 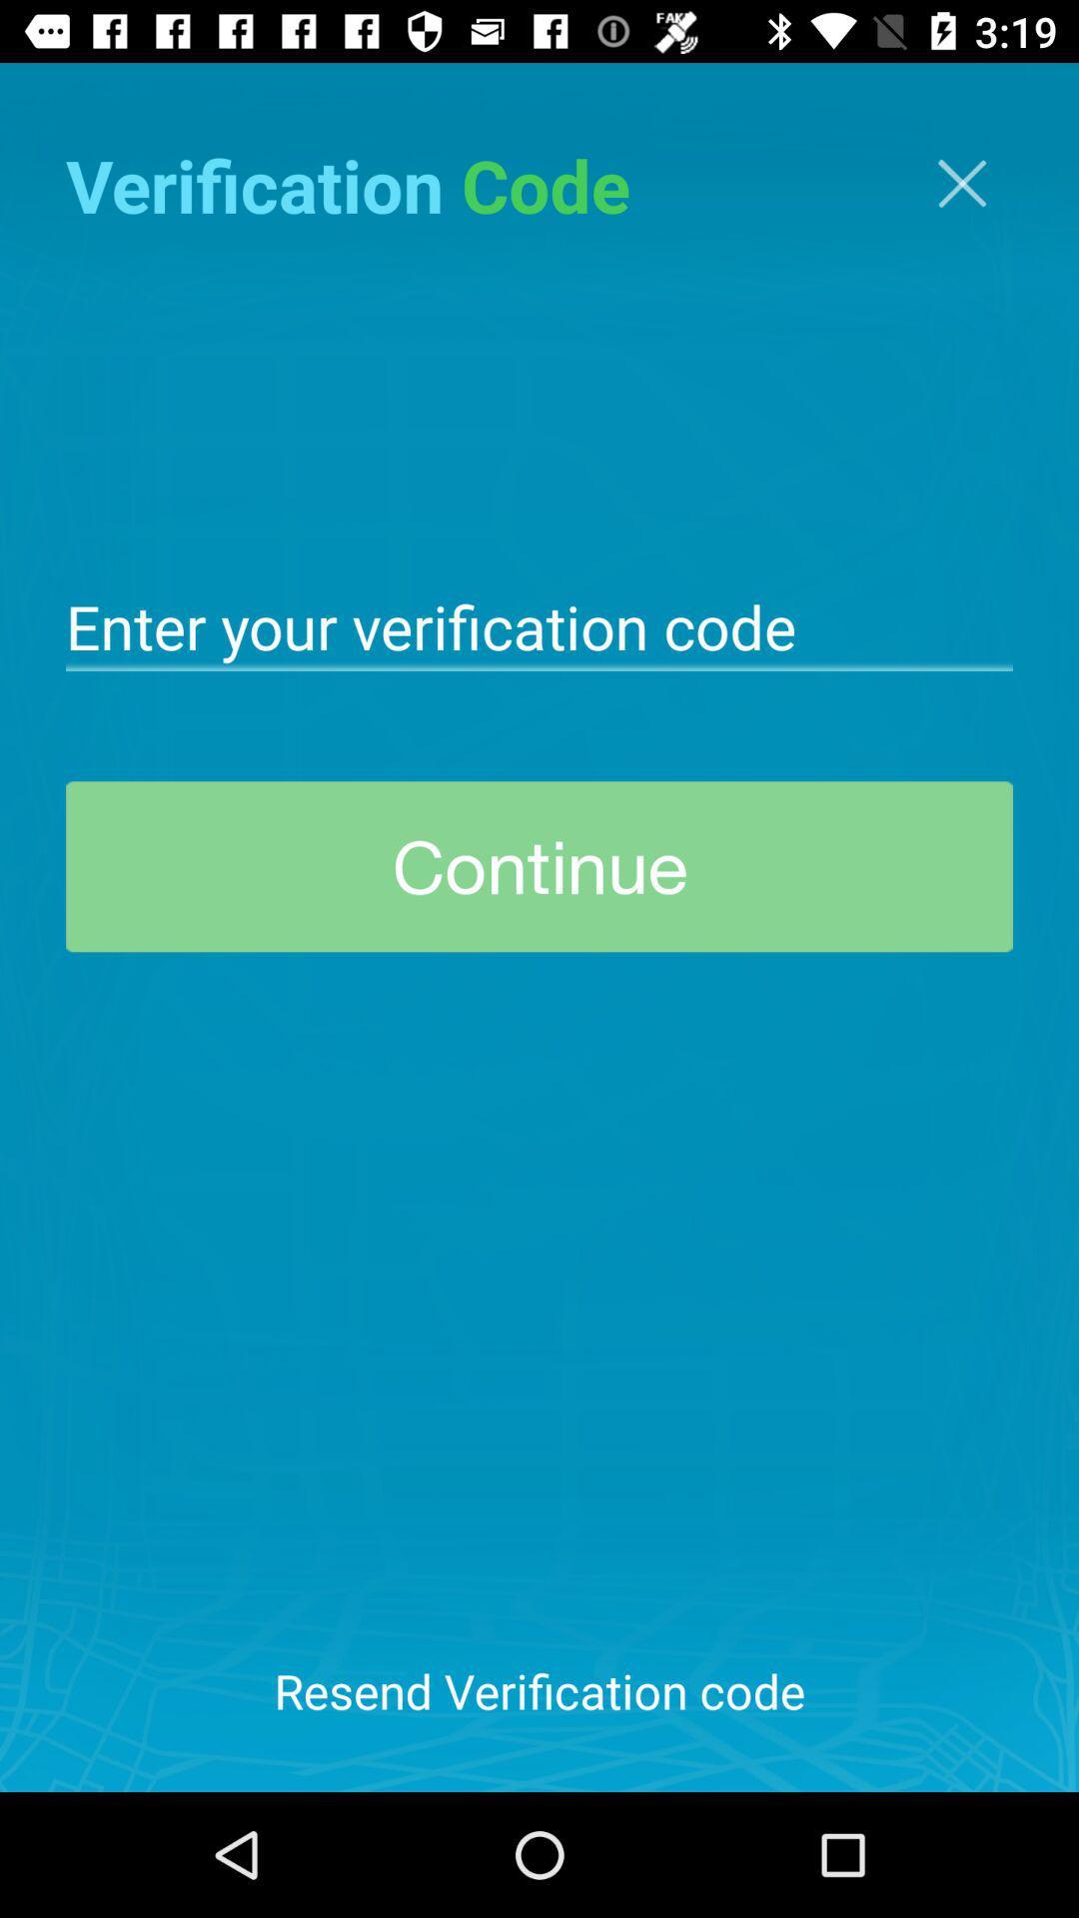 What do you see at coordinates (961, 183) in the screenshot?
I see `the close icon` at bounding box center [961, 183].